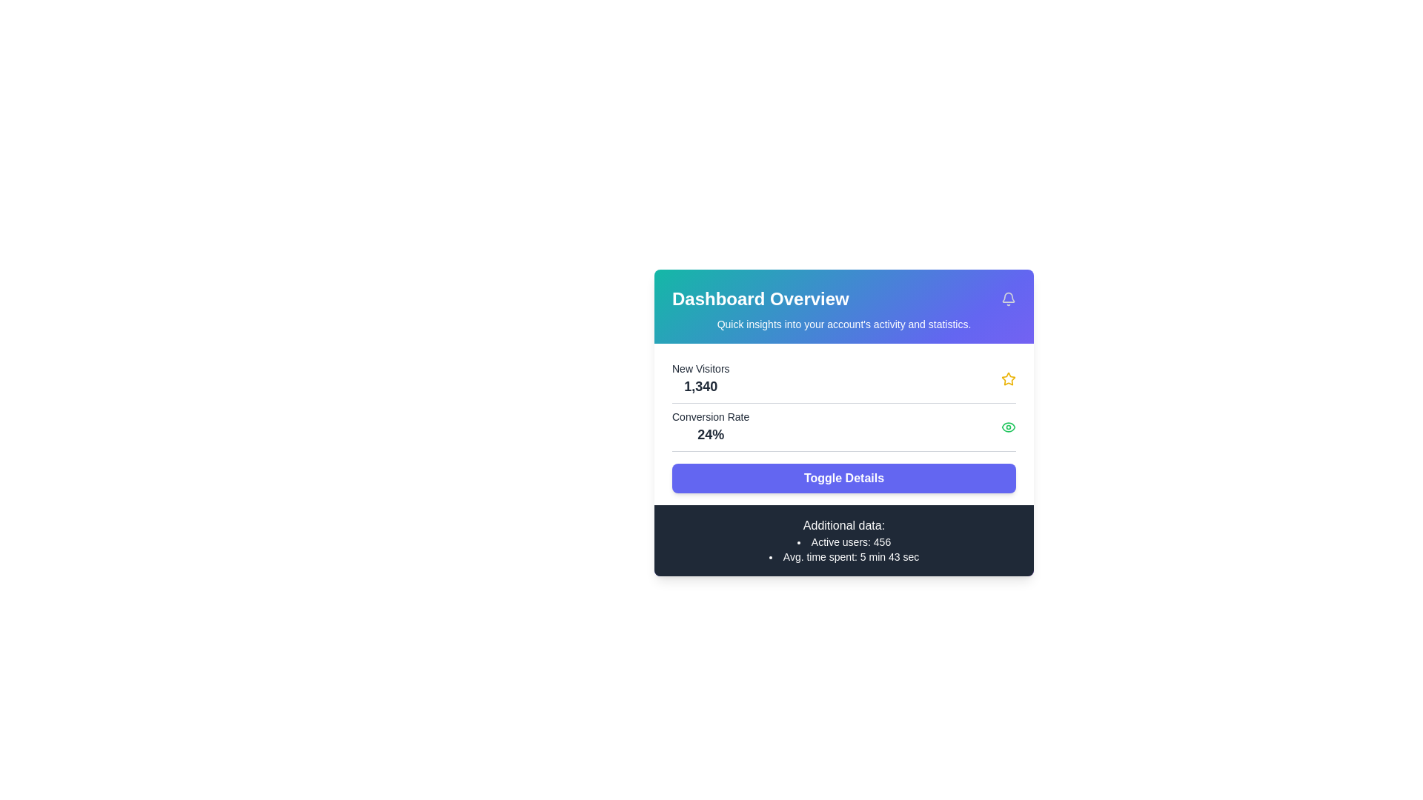 This screenshot has width=1423, height=800. Describe the element at coordinates (843, 299) in the screenshot. I see `the Section Title Header that summarizes the content of the dashboard by moving the cursor to its center point` at that location.